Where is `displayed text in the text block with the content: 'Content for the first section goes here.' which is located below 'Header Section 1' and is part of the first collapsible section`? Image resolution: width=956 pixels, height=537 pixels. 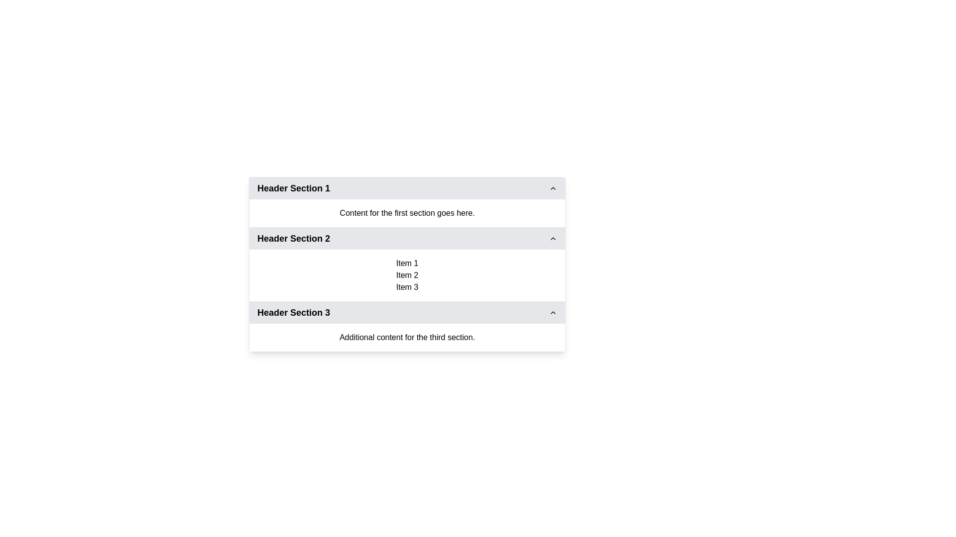 displayed text in the text block with the content: 'Content for the first section goes here.' which is located below 'Header Section 1' and is part of the first collapsible section is located at coordinates (407, 212).